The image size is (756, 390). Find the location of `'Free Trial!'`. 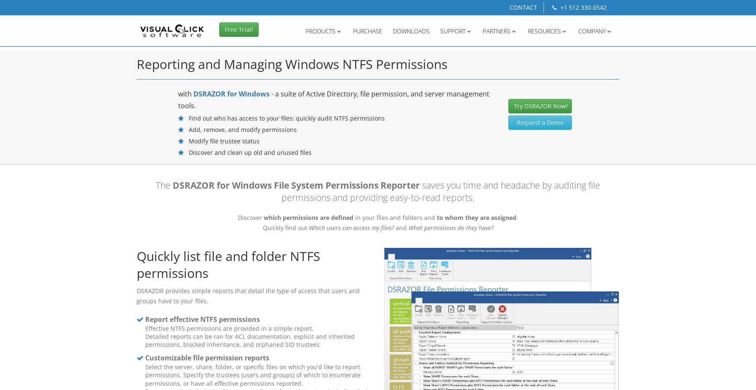

'Free Trial!' is located at coordinates (238, 32).